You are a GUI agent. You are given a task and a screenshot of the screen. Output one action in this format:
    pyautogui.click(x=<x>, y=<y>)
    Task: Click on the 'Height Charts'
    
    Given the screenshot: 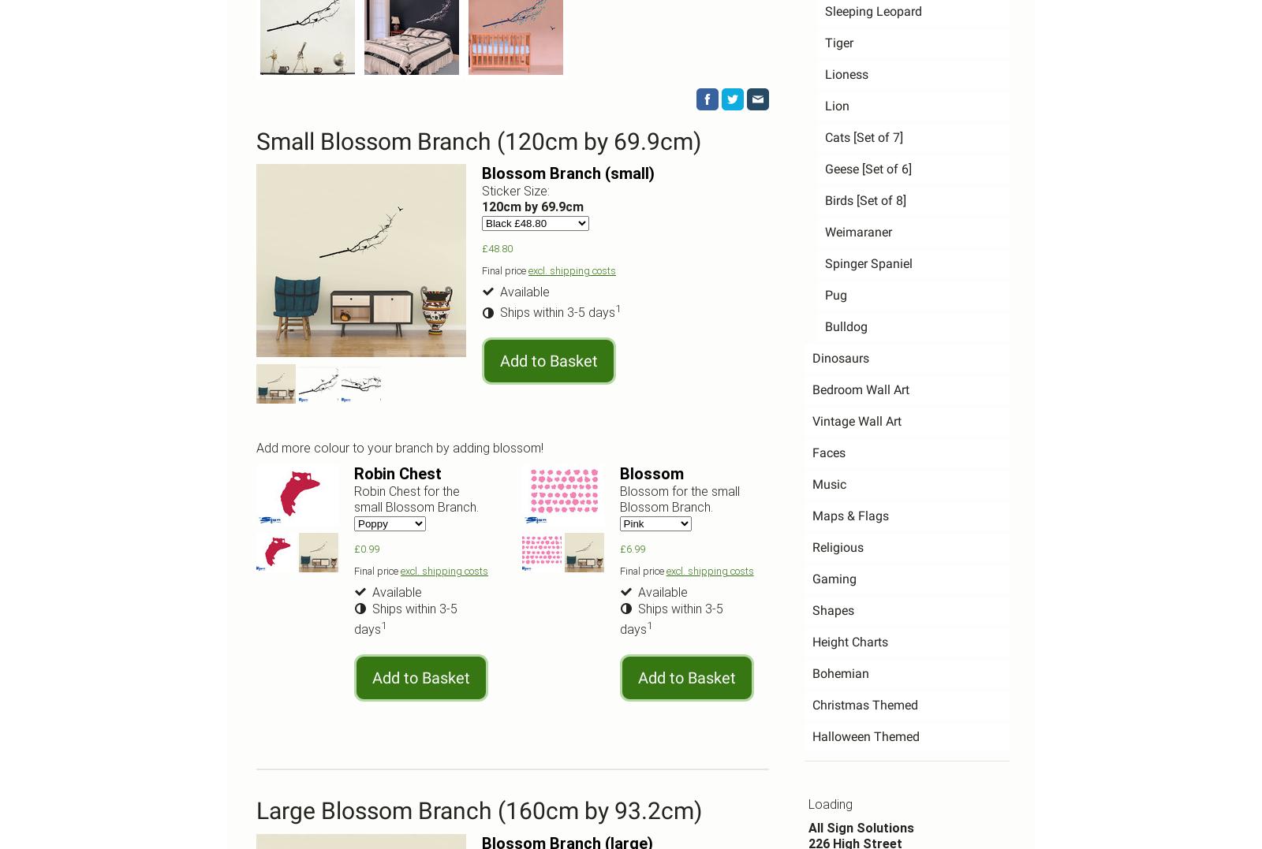 What is the action you would take?
    pyautogui.click(x=850, y=641)
    